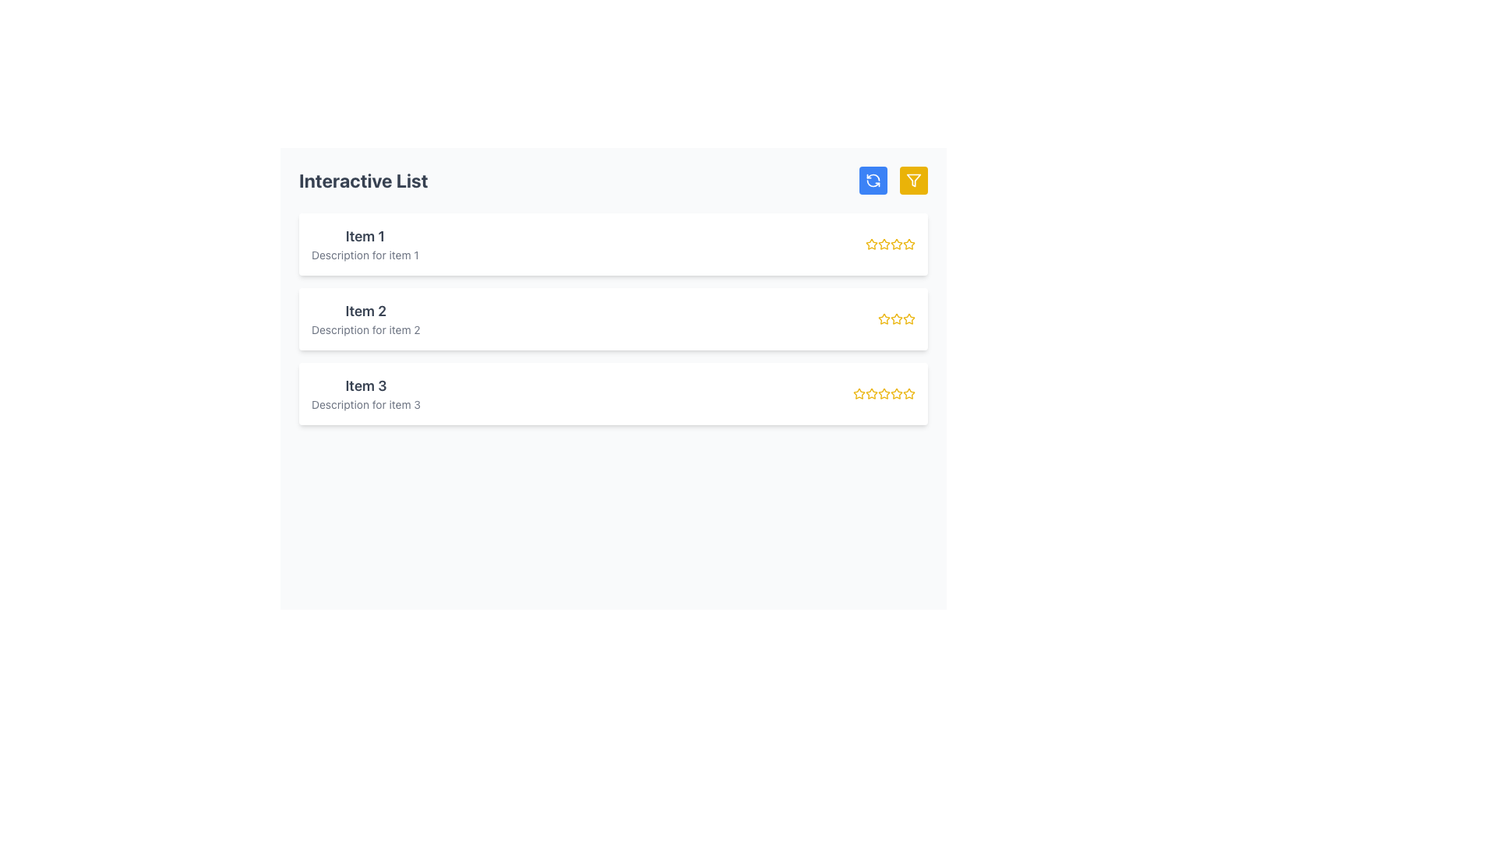 This screenshot has height=841, width=1496. I want to click on the third star icon in the rating panel associated with the second list item under the header 'Interactive List', so click(897, 318).